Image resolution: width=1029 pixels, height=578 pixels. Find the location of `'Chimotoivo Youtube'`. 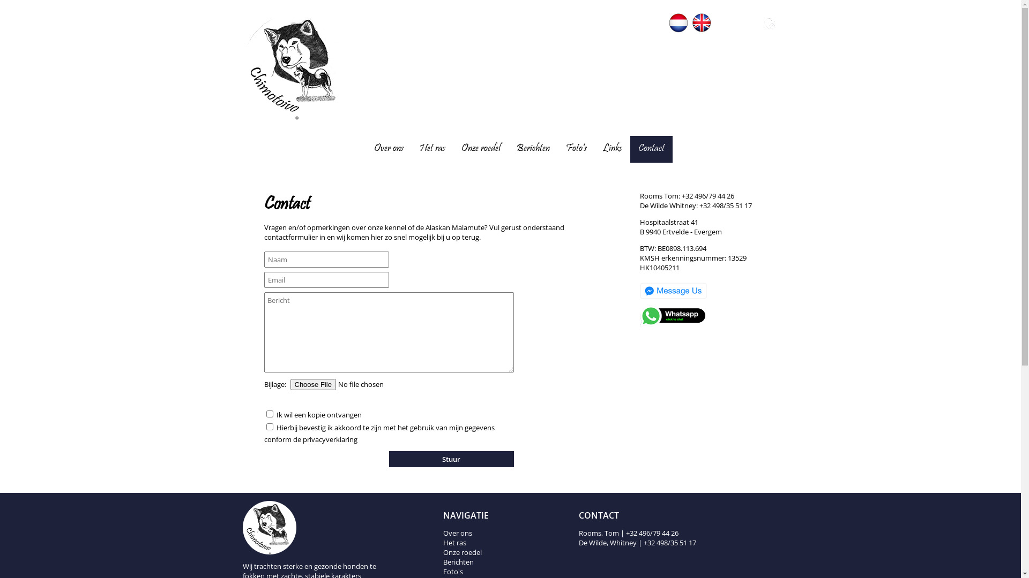

'Chimotoivo Youtube' is located at coordinates (745, 23).